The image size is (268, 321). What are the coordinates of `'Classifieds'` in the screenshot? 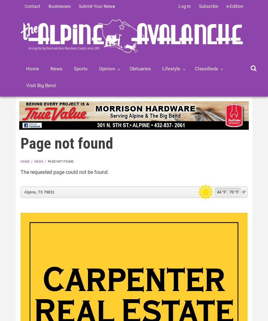 It's located at (207, 69).